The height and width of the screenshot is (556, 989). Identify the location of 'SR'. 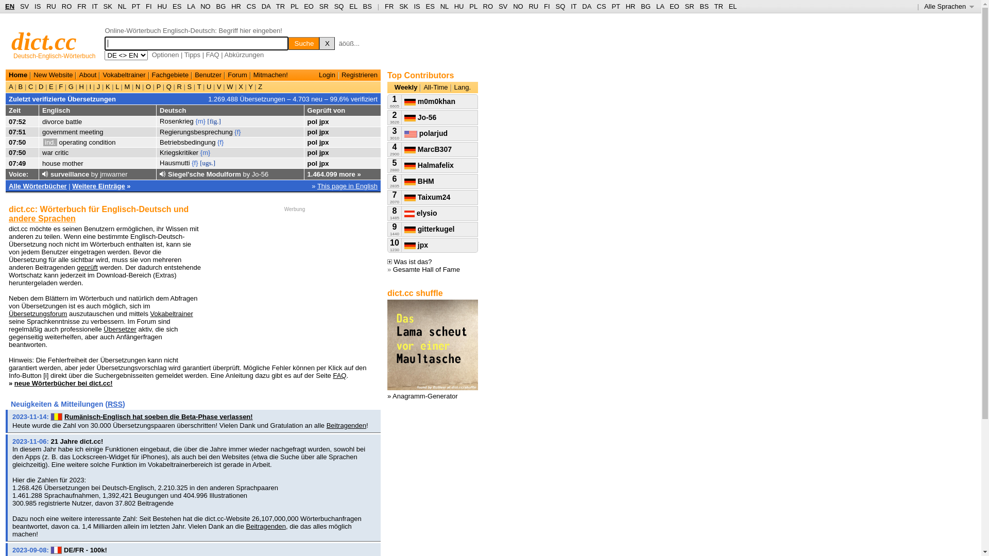
(690, 6).